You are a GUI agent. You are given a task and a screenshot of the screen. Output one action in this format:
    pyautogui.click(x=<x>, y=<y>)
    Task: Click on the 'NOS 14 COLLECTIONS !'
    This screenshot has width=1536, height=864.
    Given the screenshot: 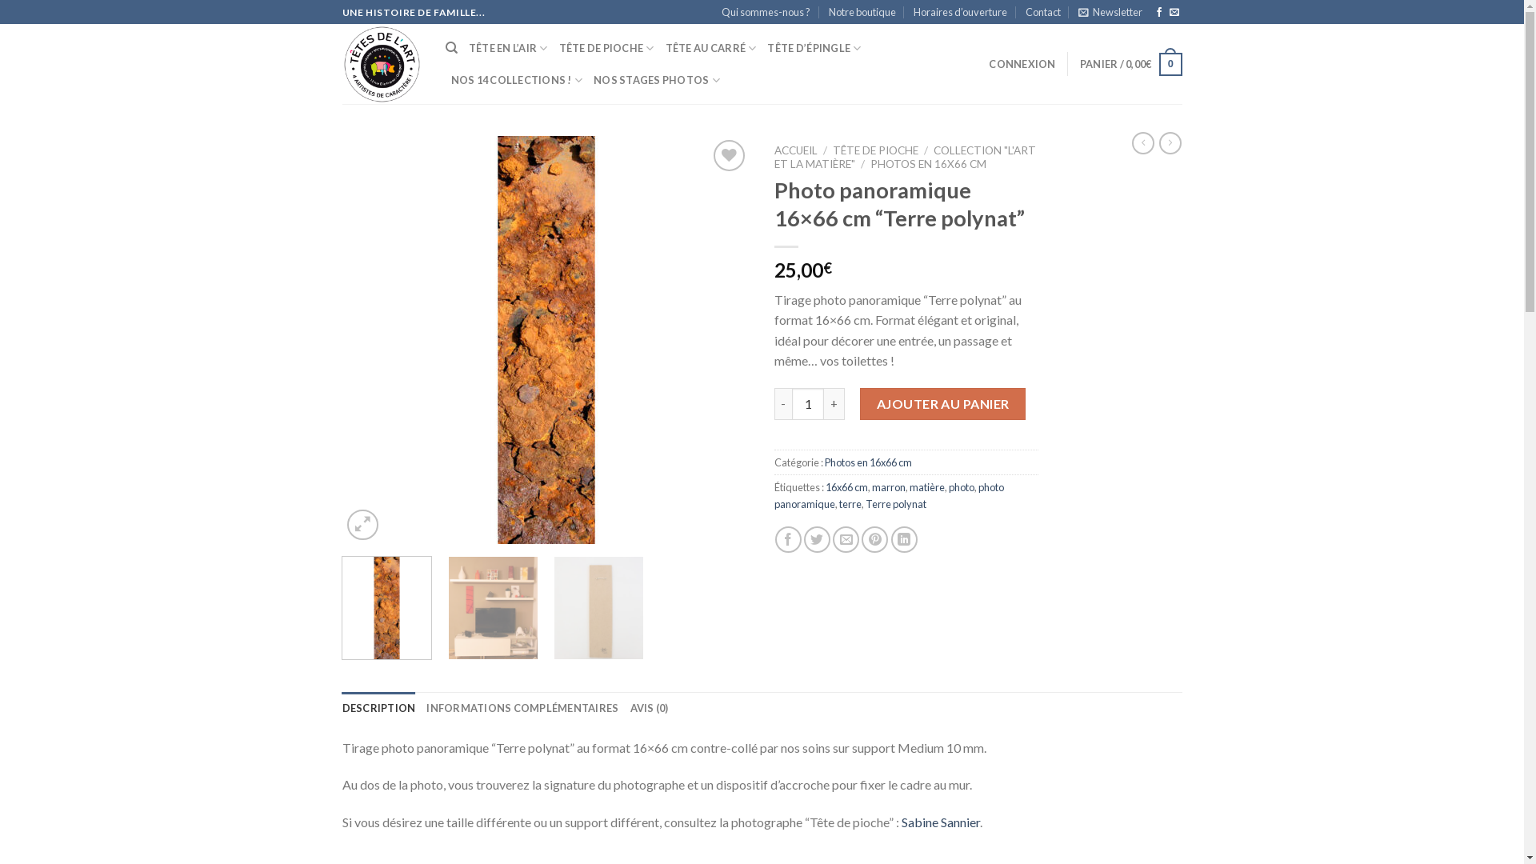 What is the action you would take?
    pyautogui.click(x=517, y=80)
    